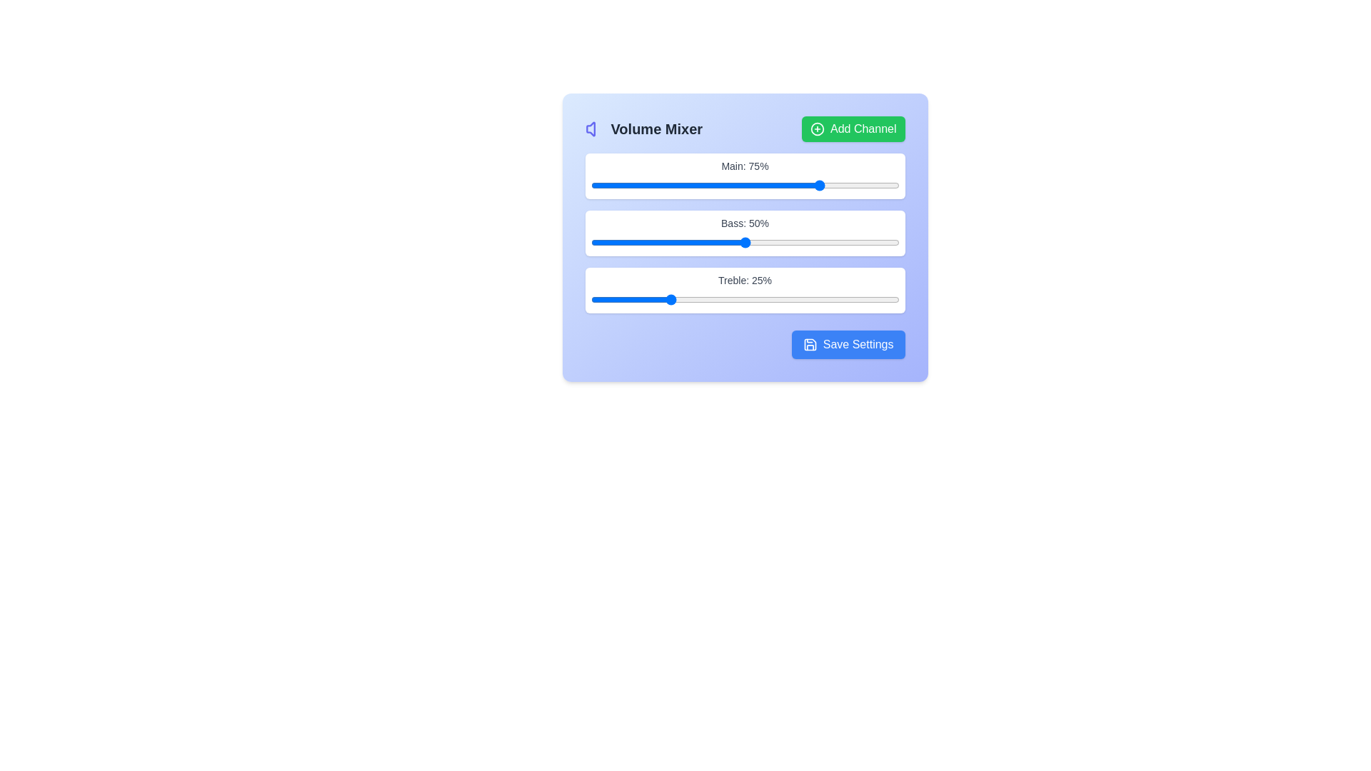 The height and width of the screenshot is (771, 1371). I want to click on the slider thumb of the 'Bass: 50%' slider, so click(744, 233).